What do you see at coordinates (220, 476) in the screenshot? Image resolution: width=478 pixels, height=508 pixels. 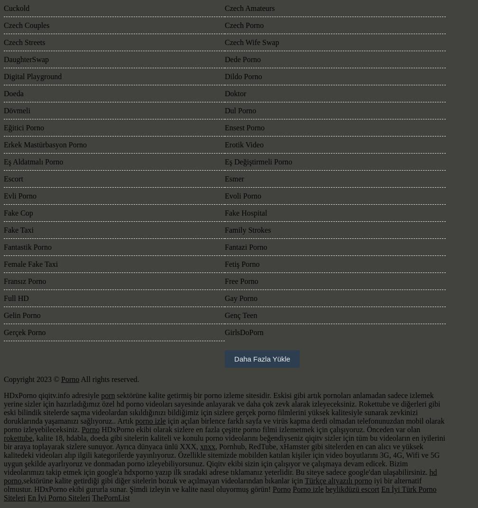 I see `'hd porno'` at bounding box center [220, 476].